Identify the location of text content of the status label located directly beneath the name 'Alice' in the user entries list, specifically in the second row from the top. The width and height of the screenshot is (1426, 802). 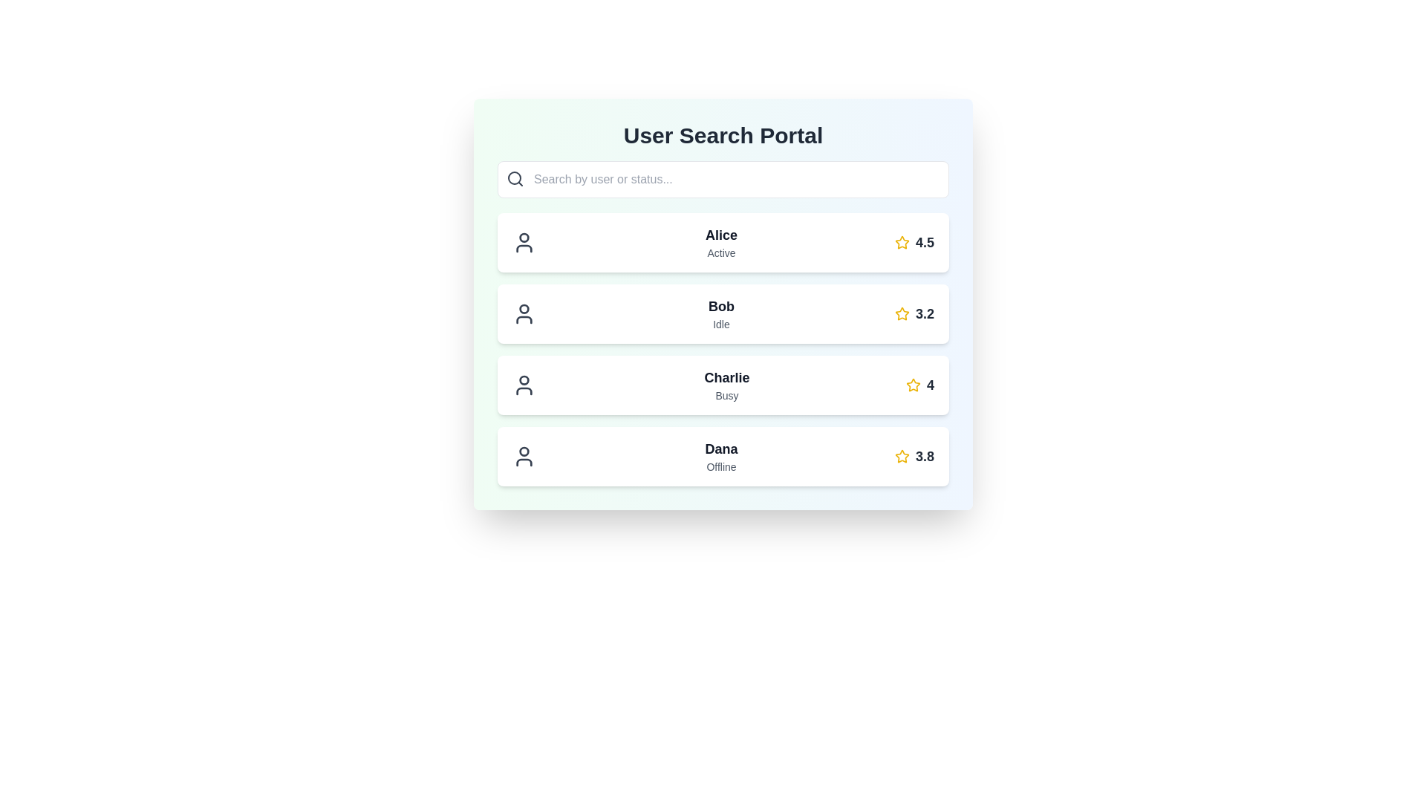
(721, 252).